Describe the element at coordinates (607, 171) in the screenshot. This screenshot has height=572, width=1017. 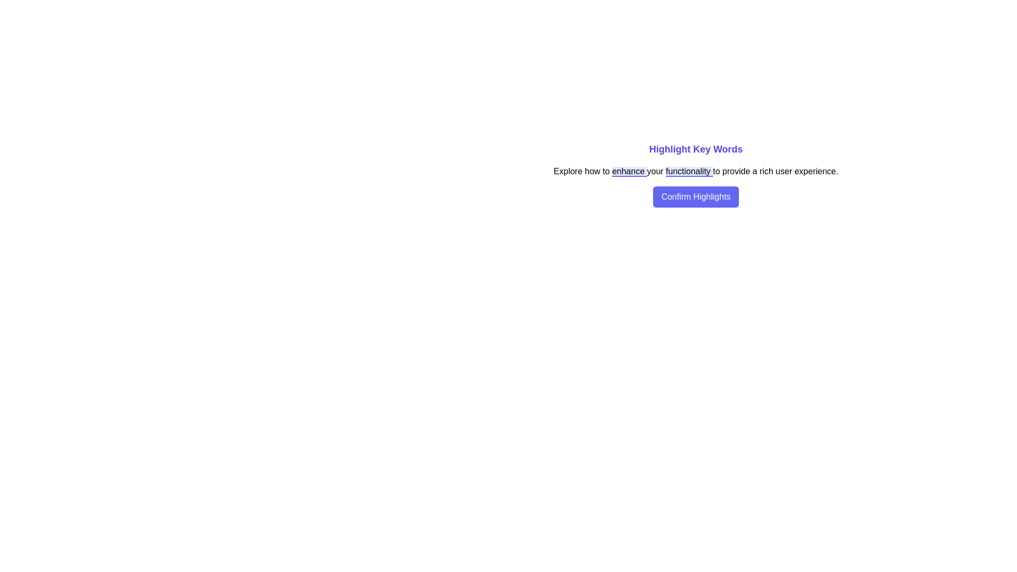
I see `the static text element which is the third word in the sentence 'Explore how to enhance your functionality to provide a rich user experience.'` at that location.